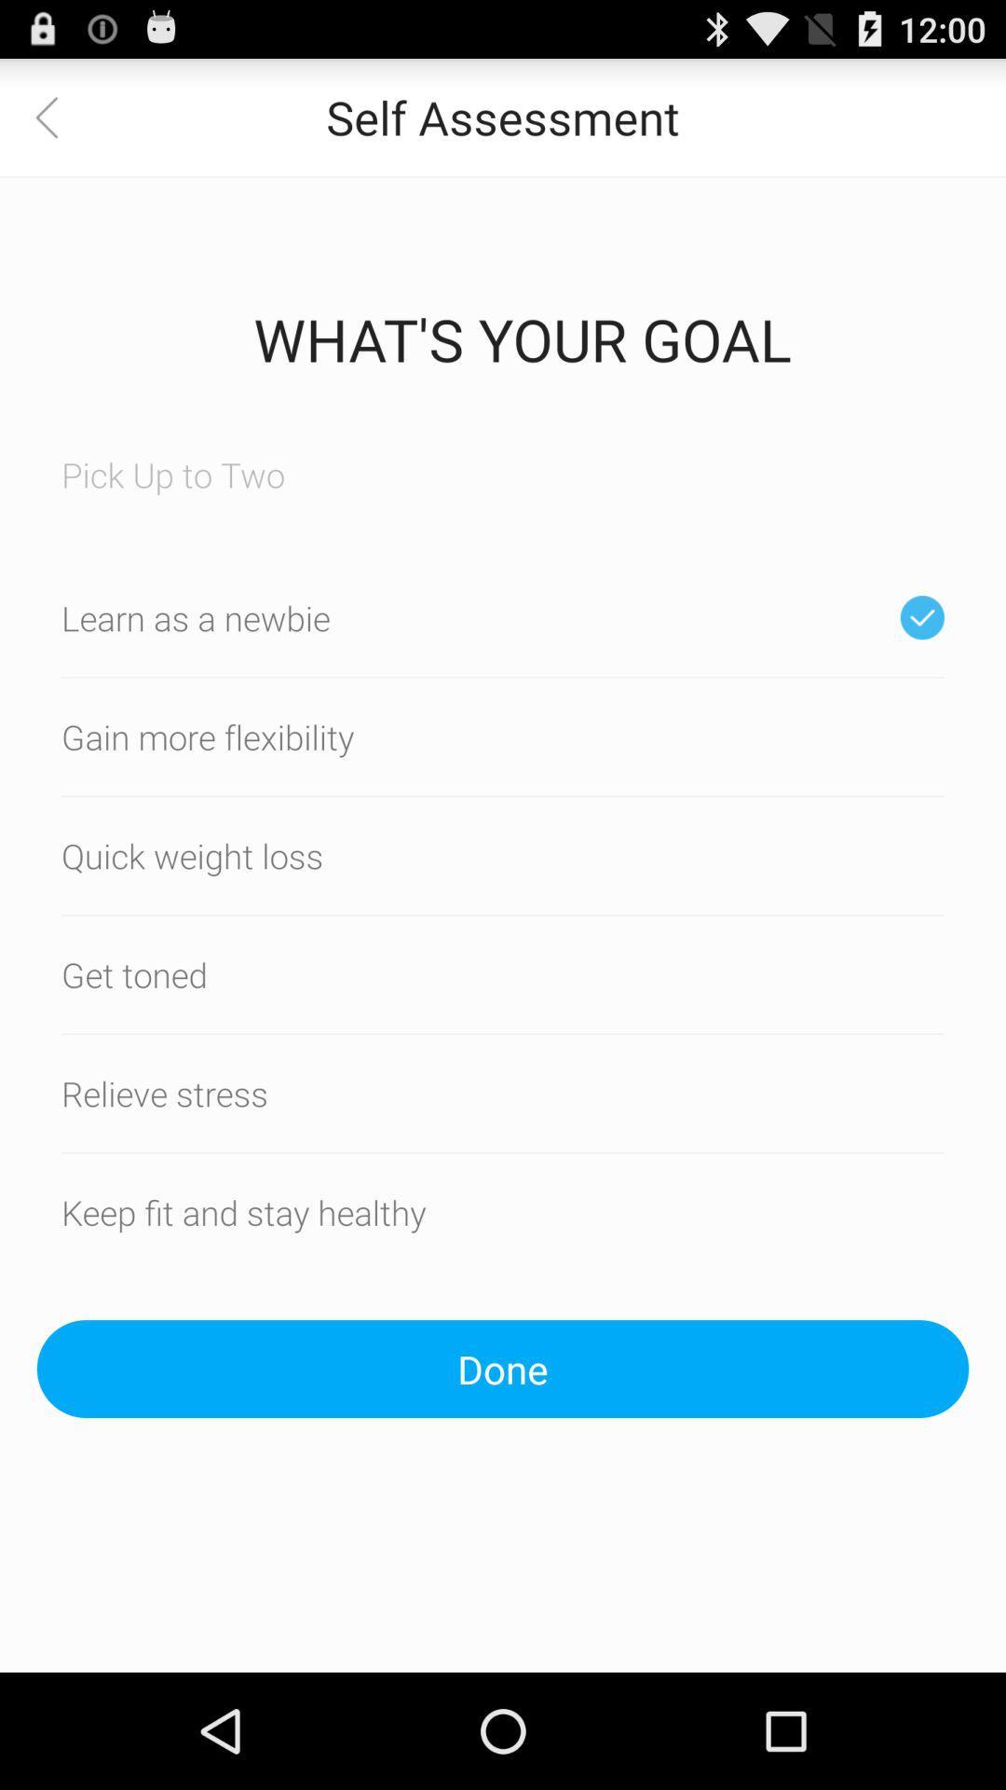 This screenshot has width=1006, height=1790. I want to click on the item next to self assessment, so click(57, 116).